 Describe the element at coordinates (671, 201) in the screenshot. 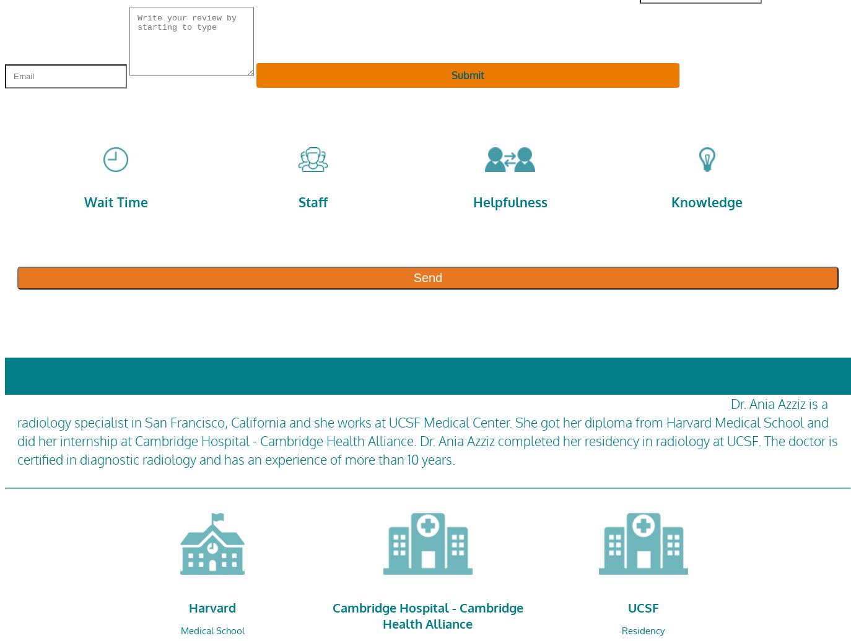

I see `'Knowledge'` at that location.